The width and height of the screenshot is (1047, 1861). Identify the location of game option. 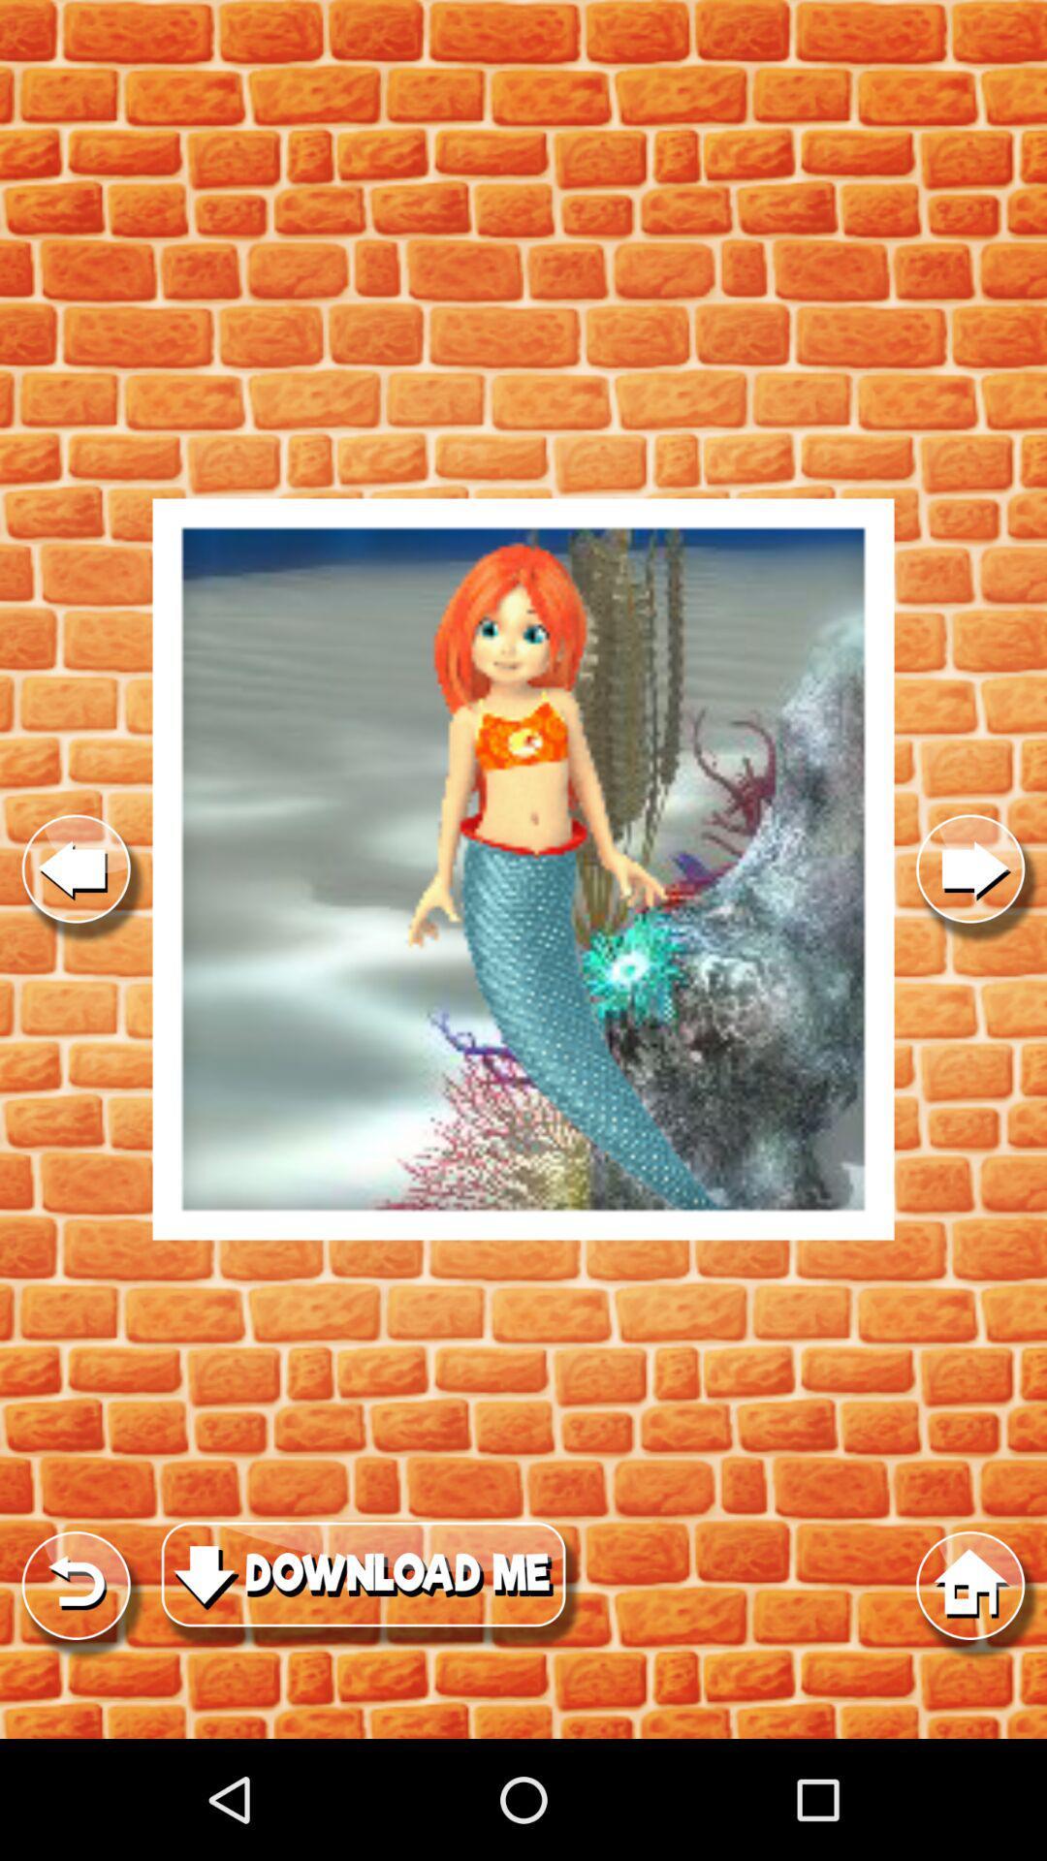
(523, 868).